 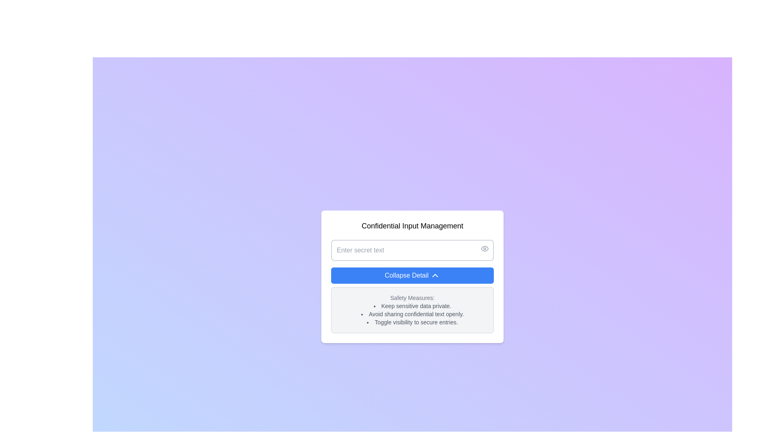 What do you see at coordinates (484, 248) in the screenshot?
I see `the SVG eye icon that acts as a visibility toggle for the 'Enter secret text' input field` at bounding box center [484, 248].